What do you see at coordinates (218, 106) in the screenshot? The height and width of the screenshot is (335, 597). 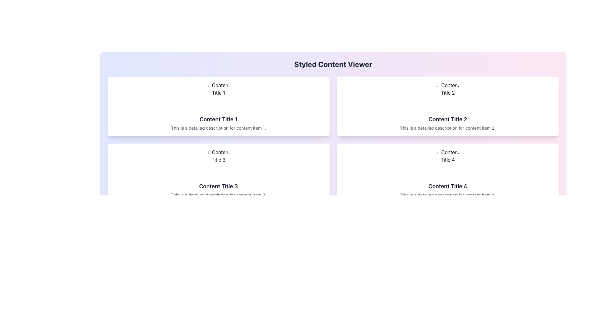 I see `the Content Card located in the top-left corner of the grid layout` at bounding box center [218, 106].